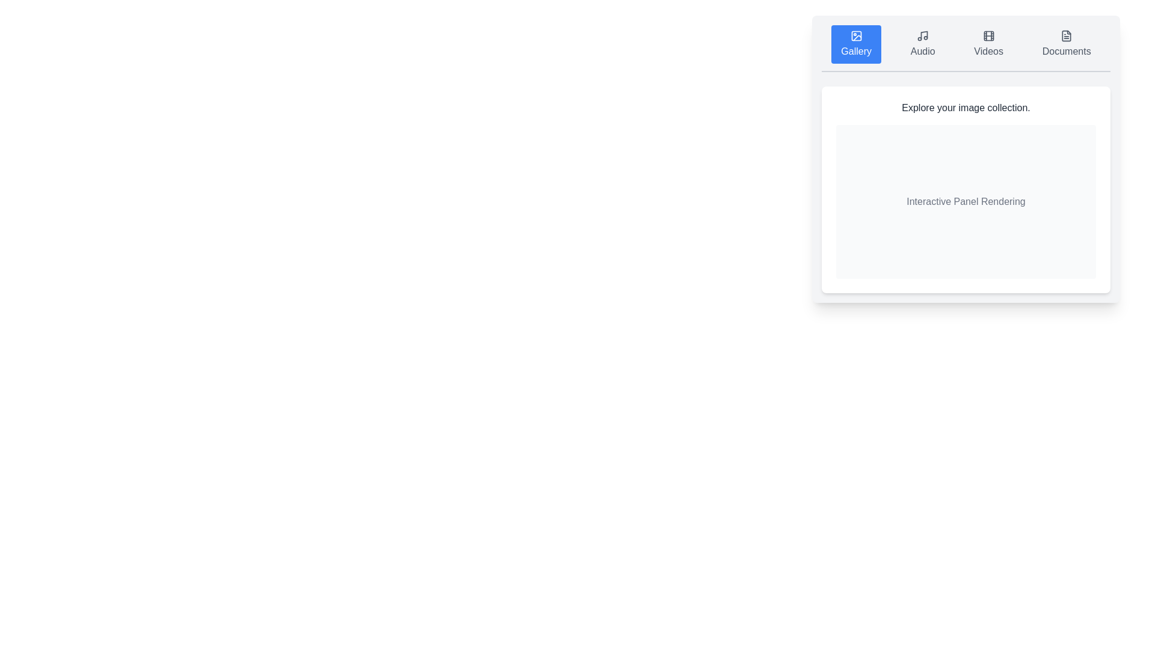  What do you see at coordinates (988, 43) in the screenshot?
I see `the 'Videos' tab to switch to the video content` at bounding box center [988, 43].